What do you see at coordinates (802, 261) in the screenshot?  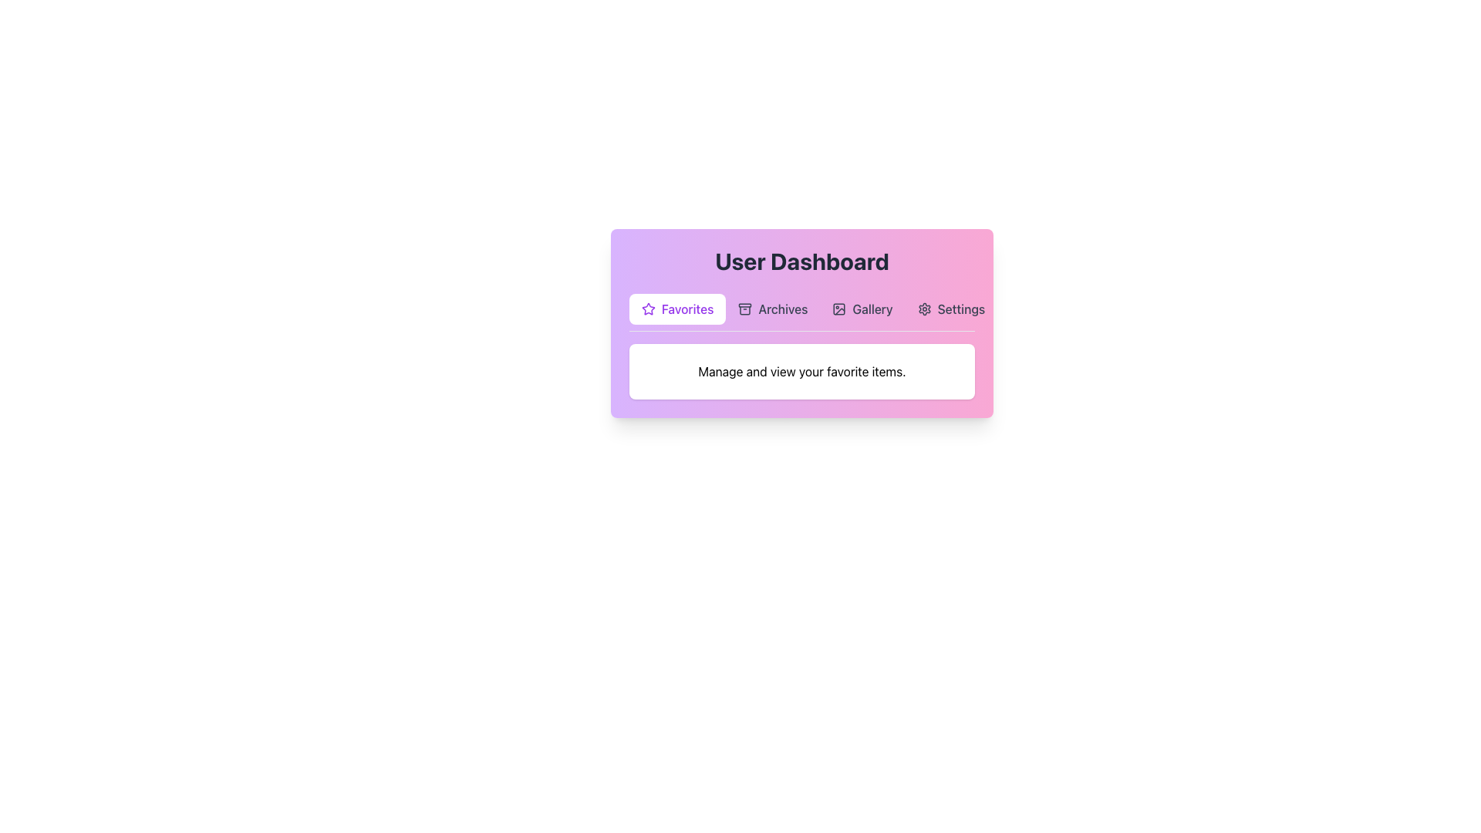 I see `prominently displayed header text that reads 'User Dashboard', which is located at the top of the panel with a gradient background` at bounding box center [802, 261].